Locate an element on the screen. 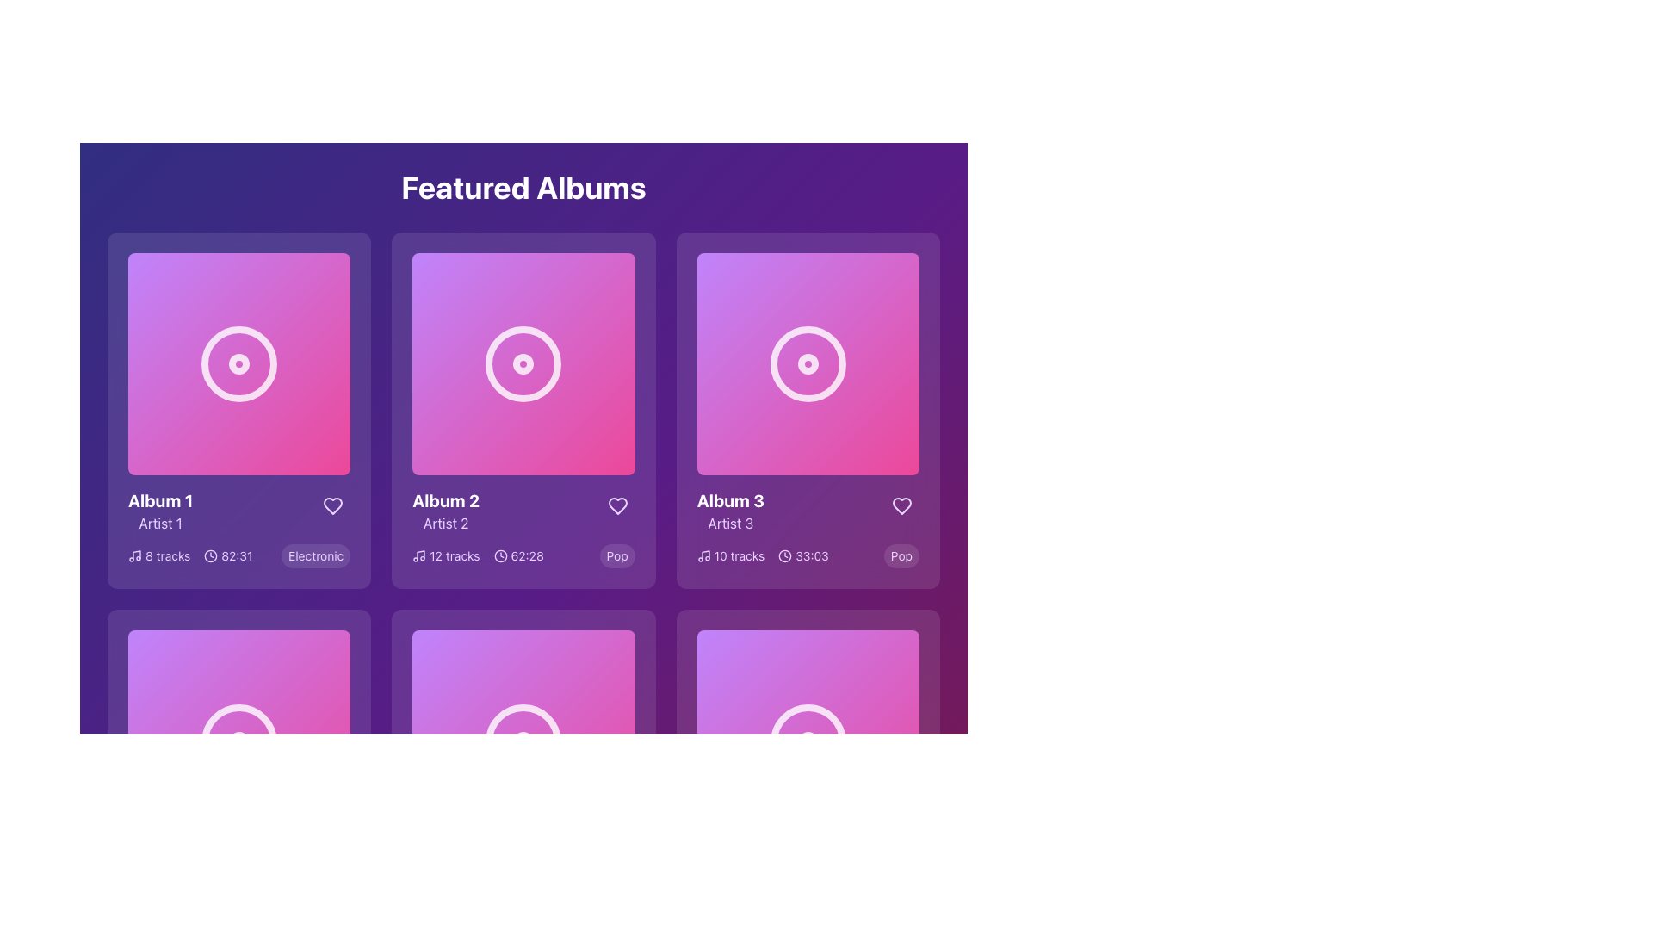 This screenshot has height=930, width=1653. the informational text element located at the lower-left side of the card, below the album title 'Album 1' and aligned to the left of the genre indicator 'Electronic' is located at coordinates (190, 556).